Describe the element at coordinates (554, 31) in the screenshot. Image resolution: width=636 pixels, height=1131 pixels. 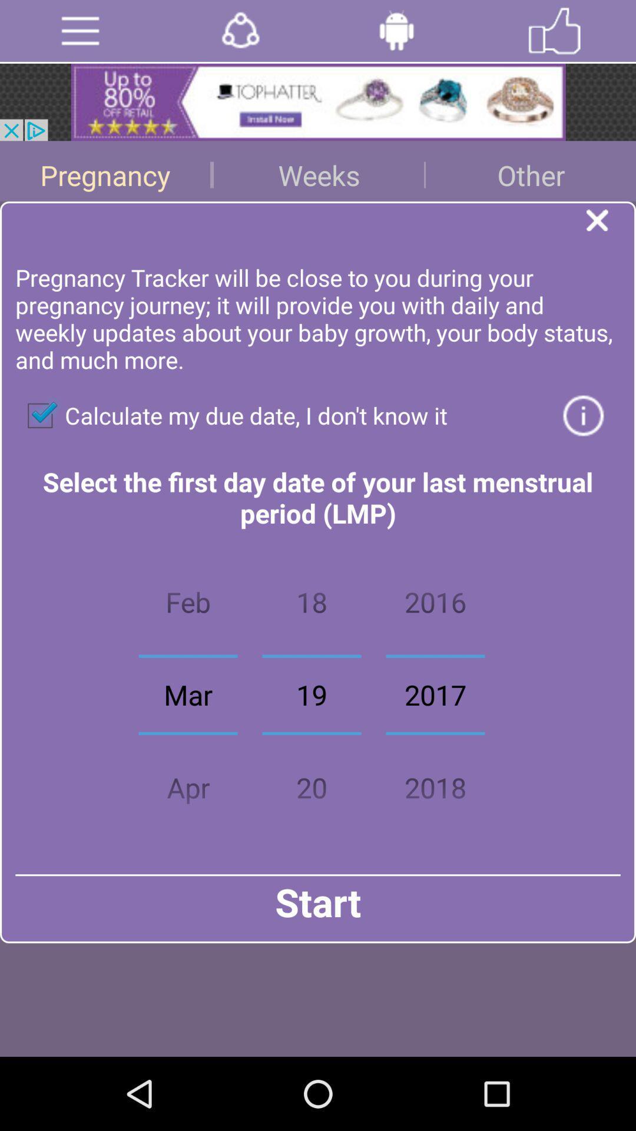
I see `kaai` at that location.